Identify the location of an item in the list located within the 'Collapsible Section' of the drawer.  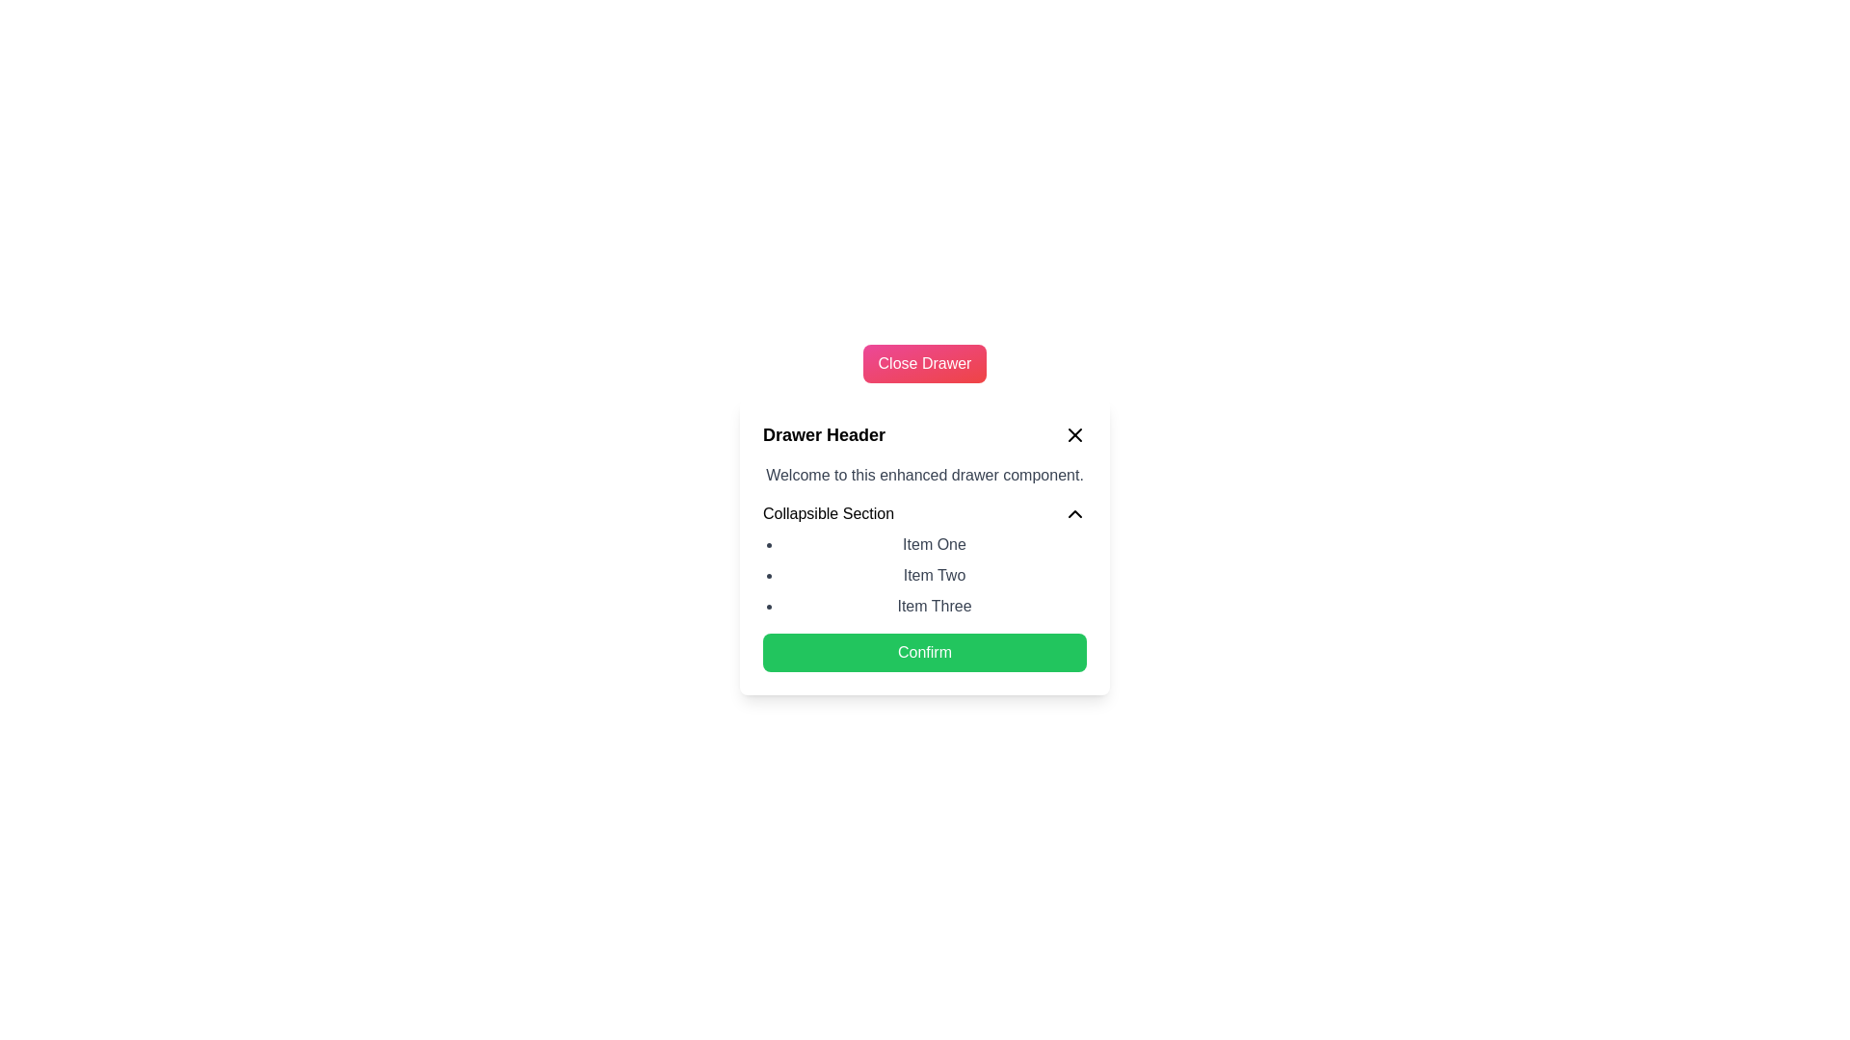
(925, 546).